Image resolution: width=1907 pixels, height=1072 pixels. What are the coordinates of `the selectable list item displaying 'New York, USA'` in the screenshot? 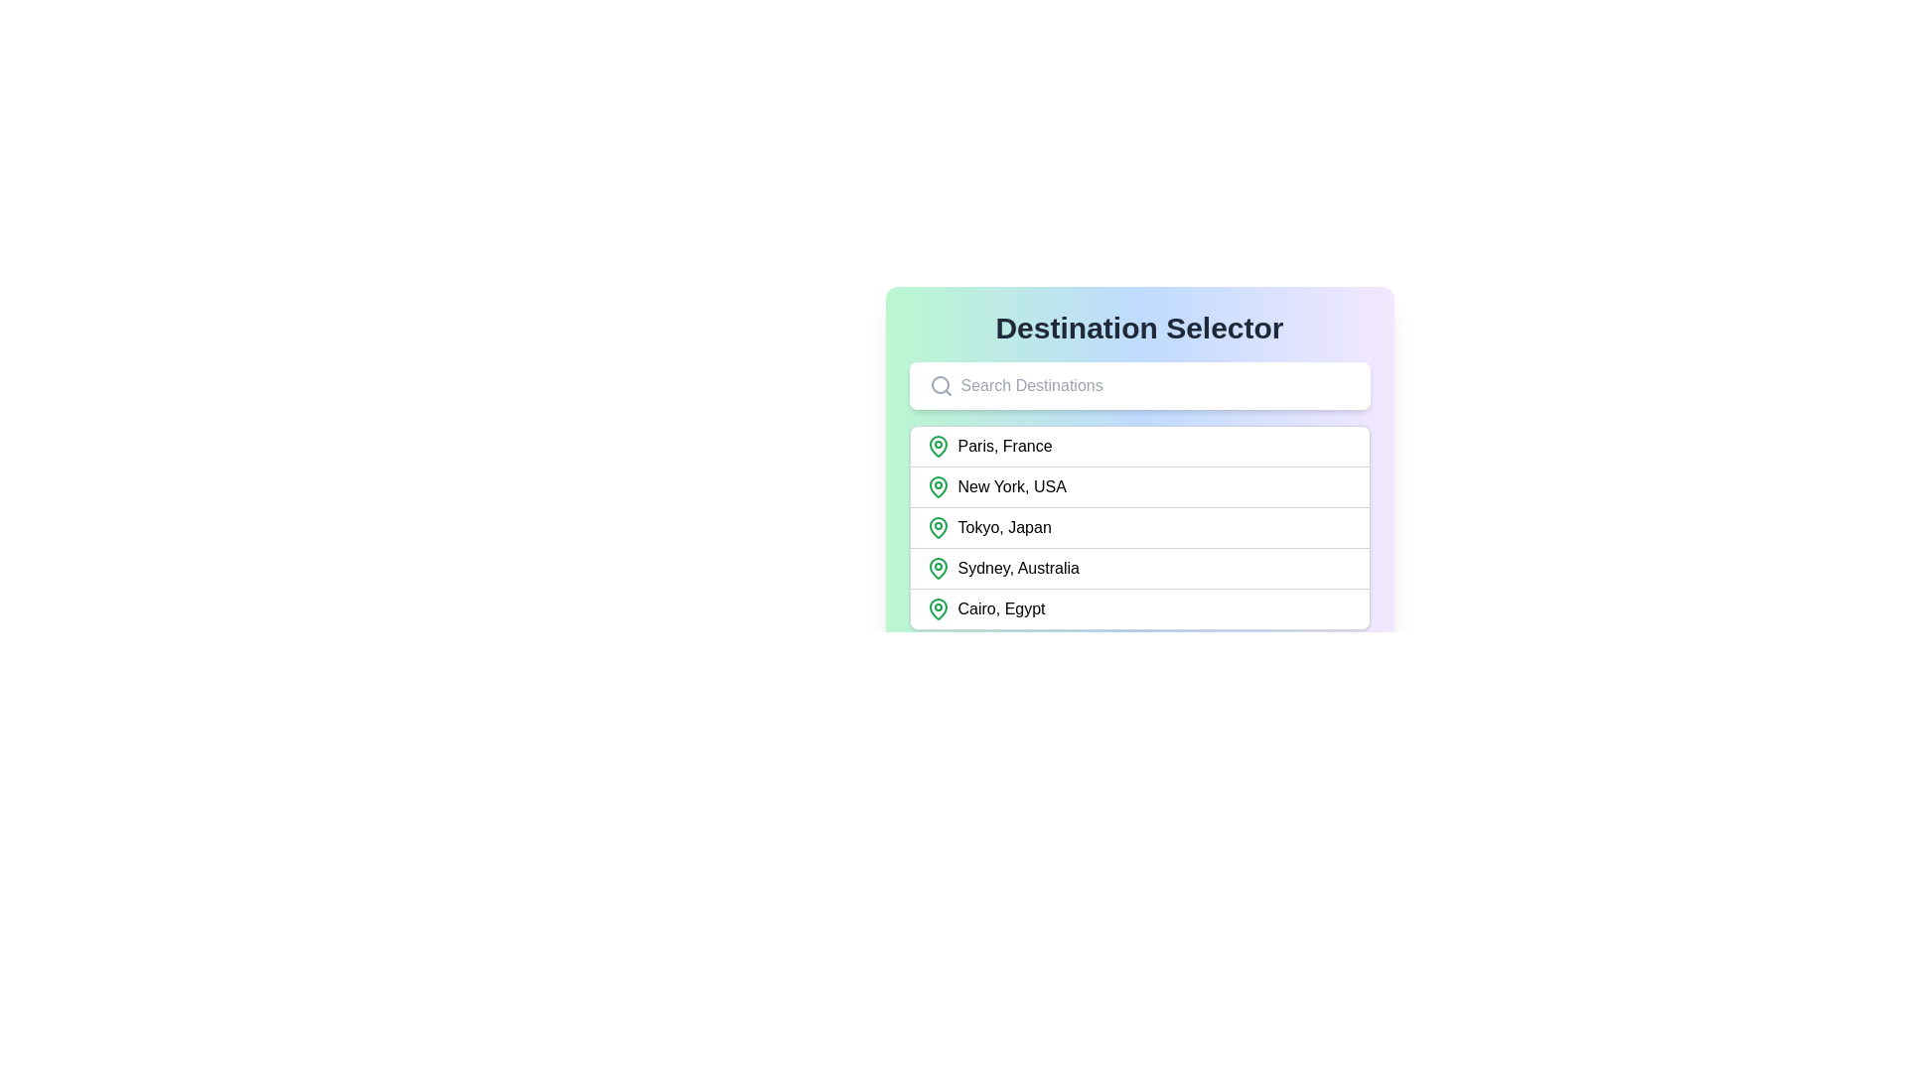 It's located at (1139, 486).